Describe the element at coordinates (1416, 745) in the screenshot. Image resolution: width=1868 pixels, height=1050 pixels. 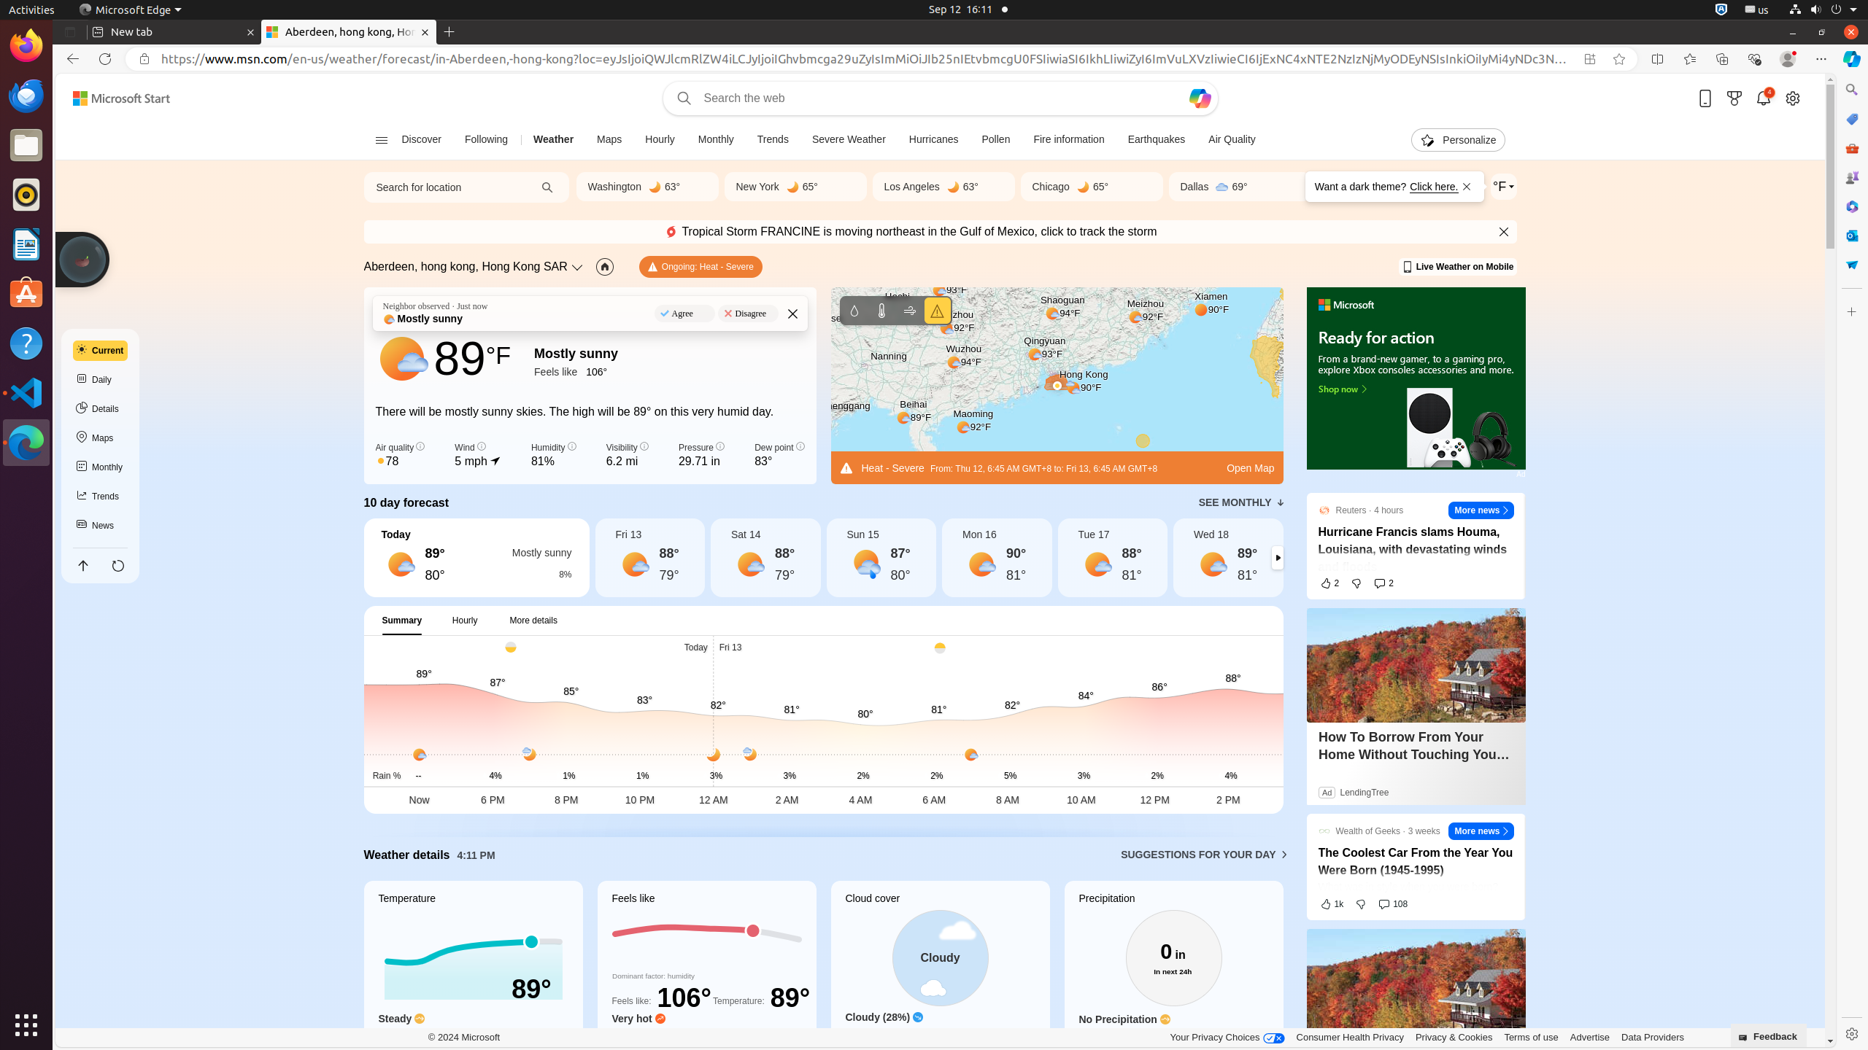
I see `'How To Borrow From Your Home Without Touching Your Mortgage'` at that location.